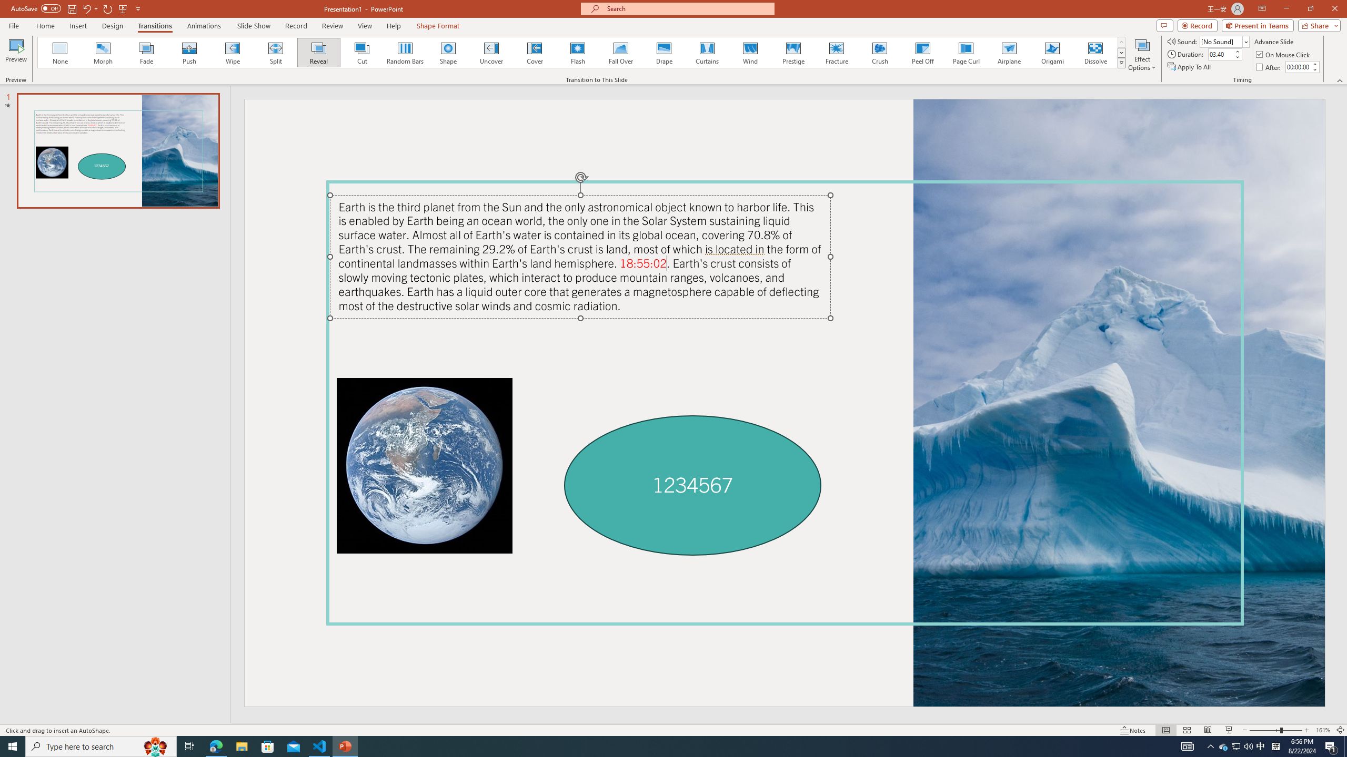  I want to click on 'Transition Effects', so click(1121, 62).